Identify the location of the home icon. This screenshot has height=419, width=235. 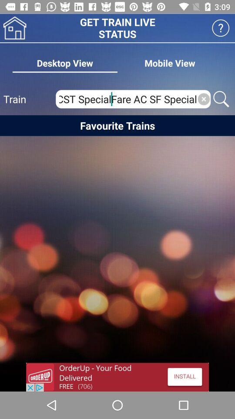
(14, 28).